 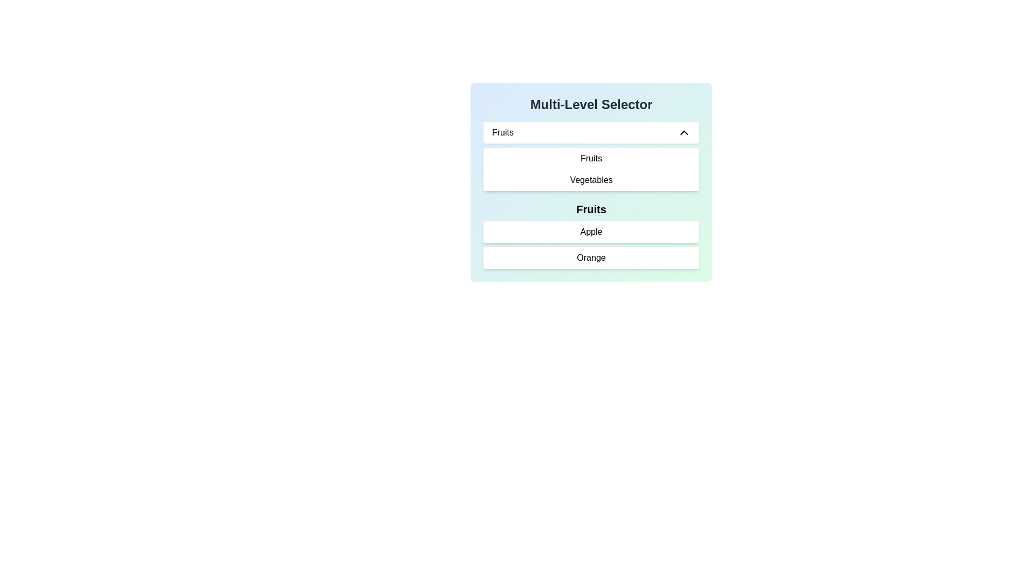 What do you see at coordinates (590, 158) in the screenshot?
I see `the 'Fruits' menu option, which is the first item in a dropdown list` at bounding box center [590, 158].